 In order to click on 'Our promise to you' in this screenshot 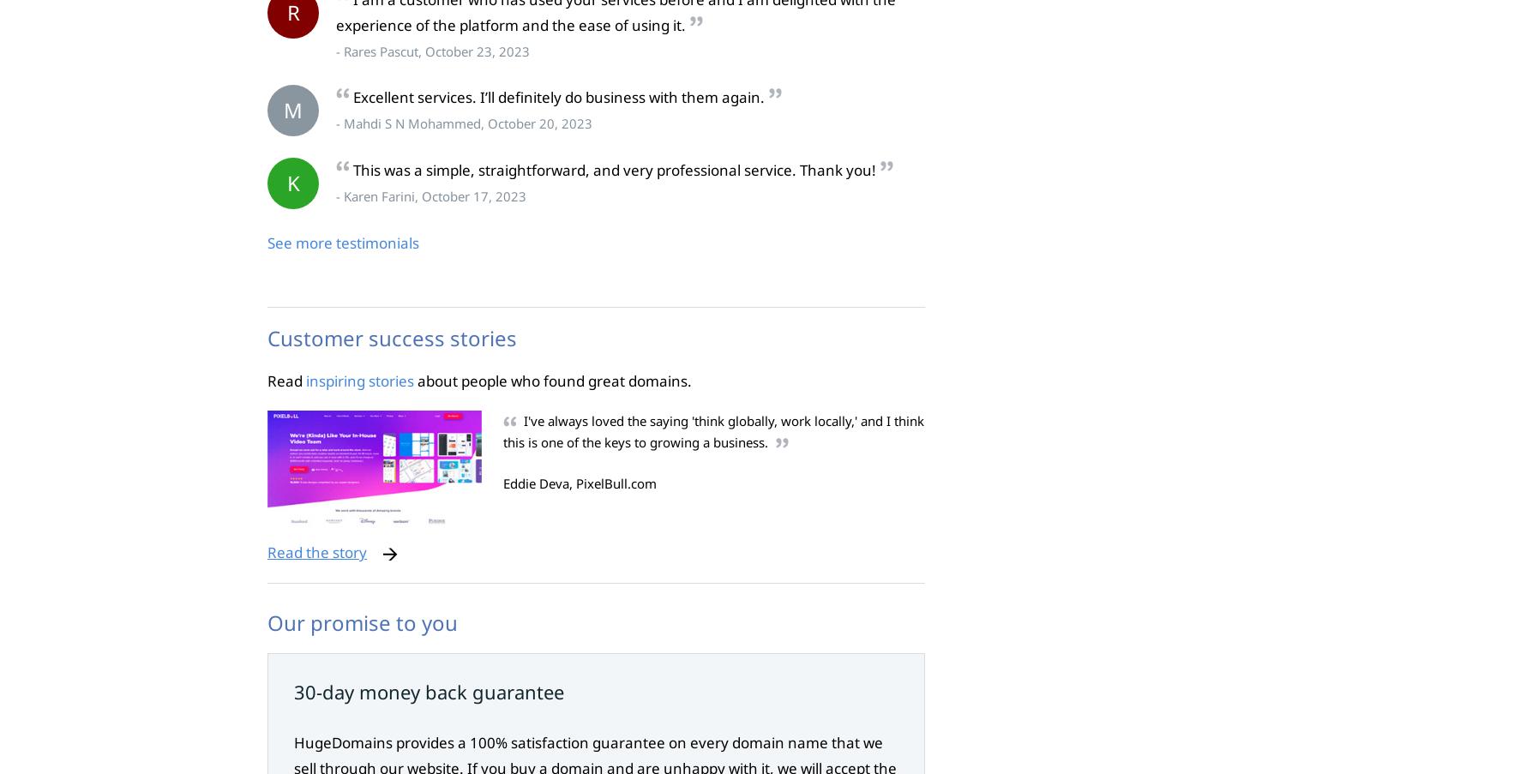, I will do `click(362, 622)`.